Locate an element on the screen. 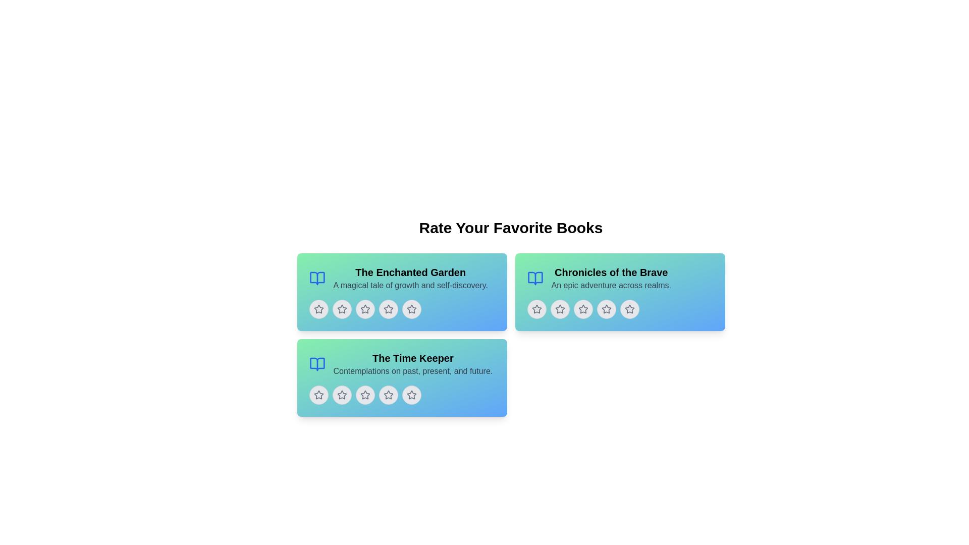  the third star button in the horizontal arrangement of rating stars below the title 'The Enchanted Garden' is located at coordinates (364, 309).